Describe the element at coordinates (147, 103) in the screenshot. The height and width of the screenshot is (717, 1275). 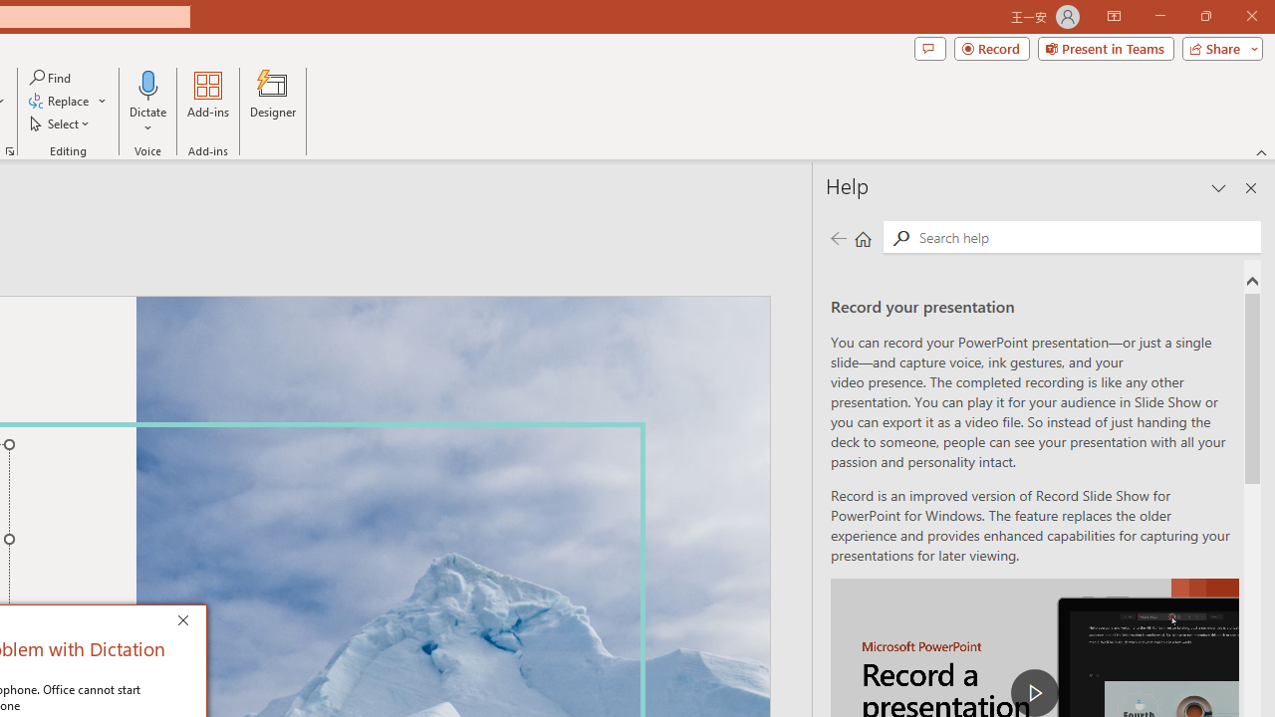
I see `'Dictate'` at that location.